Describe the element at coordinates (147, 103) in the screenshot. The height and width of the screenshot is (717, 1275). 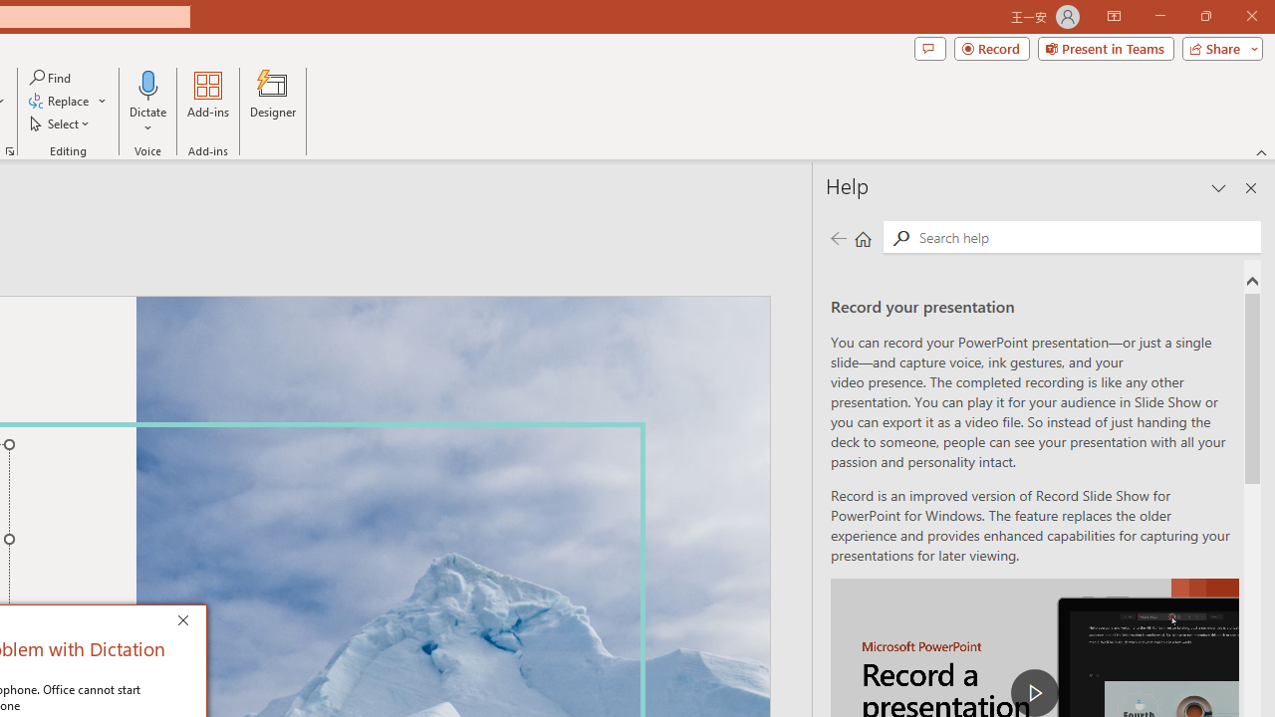
I see `'Dictate'` at that location.